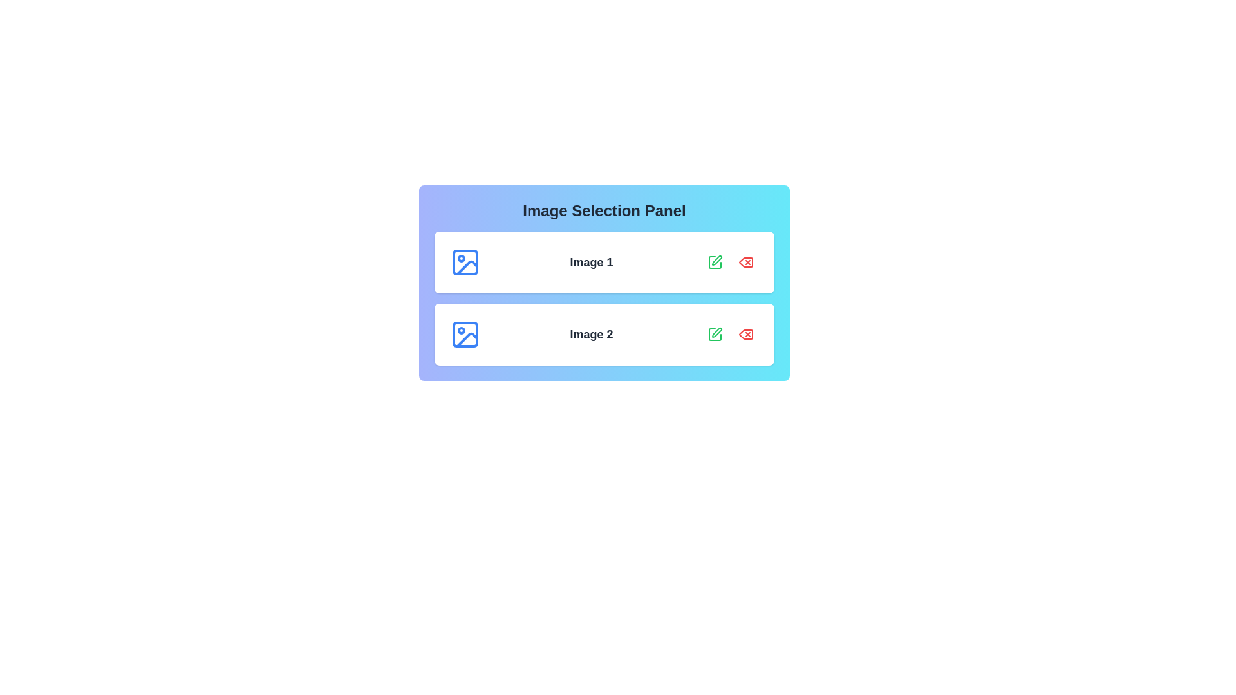 Image resolution: width=1236 pixels, height=695 pixels. I want to click on the 'Edit' button located in the top row of the image items list to observe the hover effect, so click(714, 262).